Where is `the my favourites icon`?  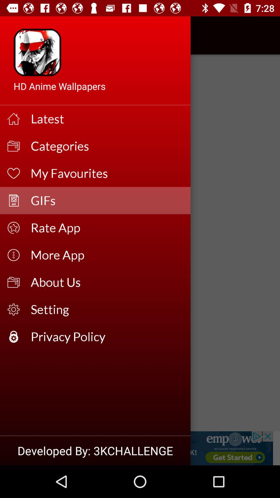
the my favourites icon is located at coordinates (107, 173).